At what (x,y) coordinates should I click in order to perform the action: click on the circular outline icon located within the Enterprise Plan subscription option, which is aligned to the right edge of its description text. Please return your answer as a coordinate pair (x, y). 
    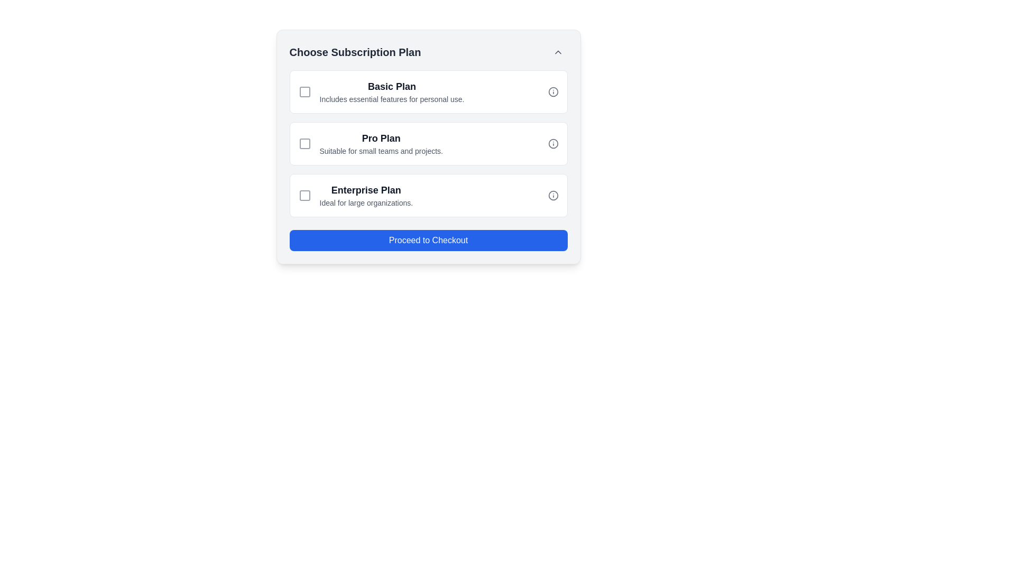
    Looking at the image, I should click on (552, 196).